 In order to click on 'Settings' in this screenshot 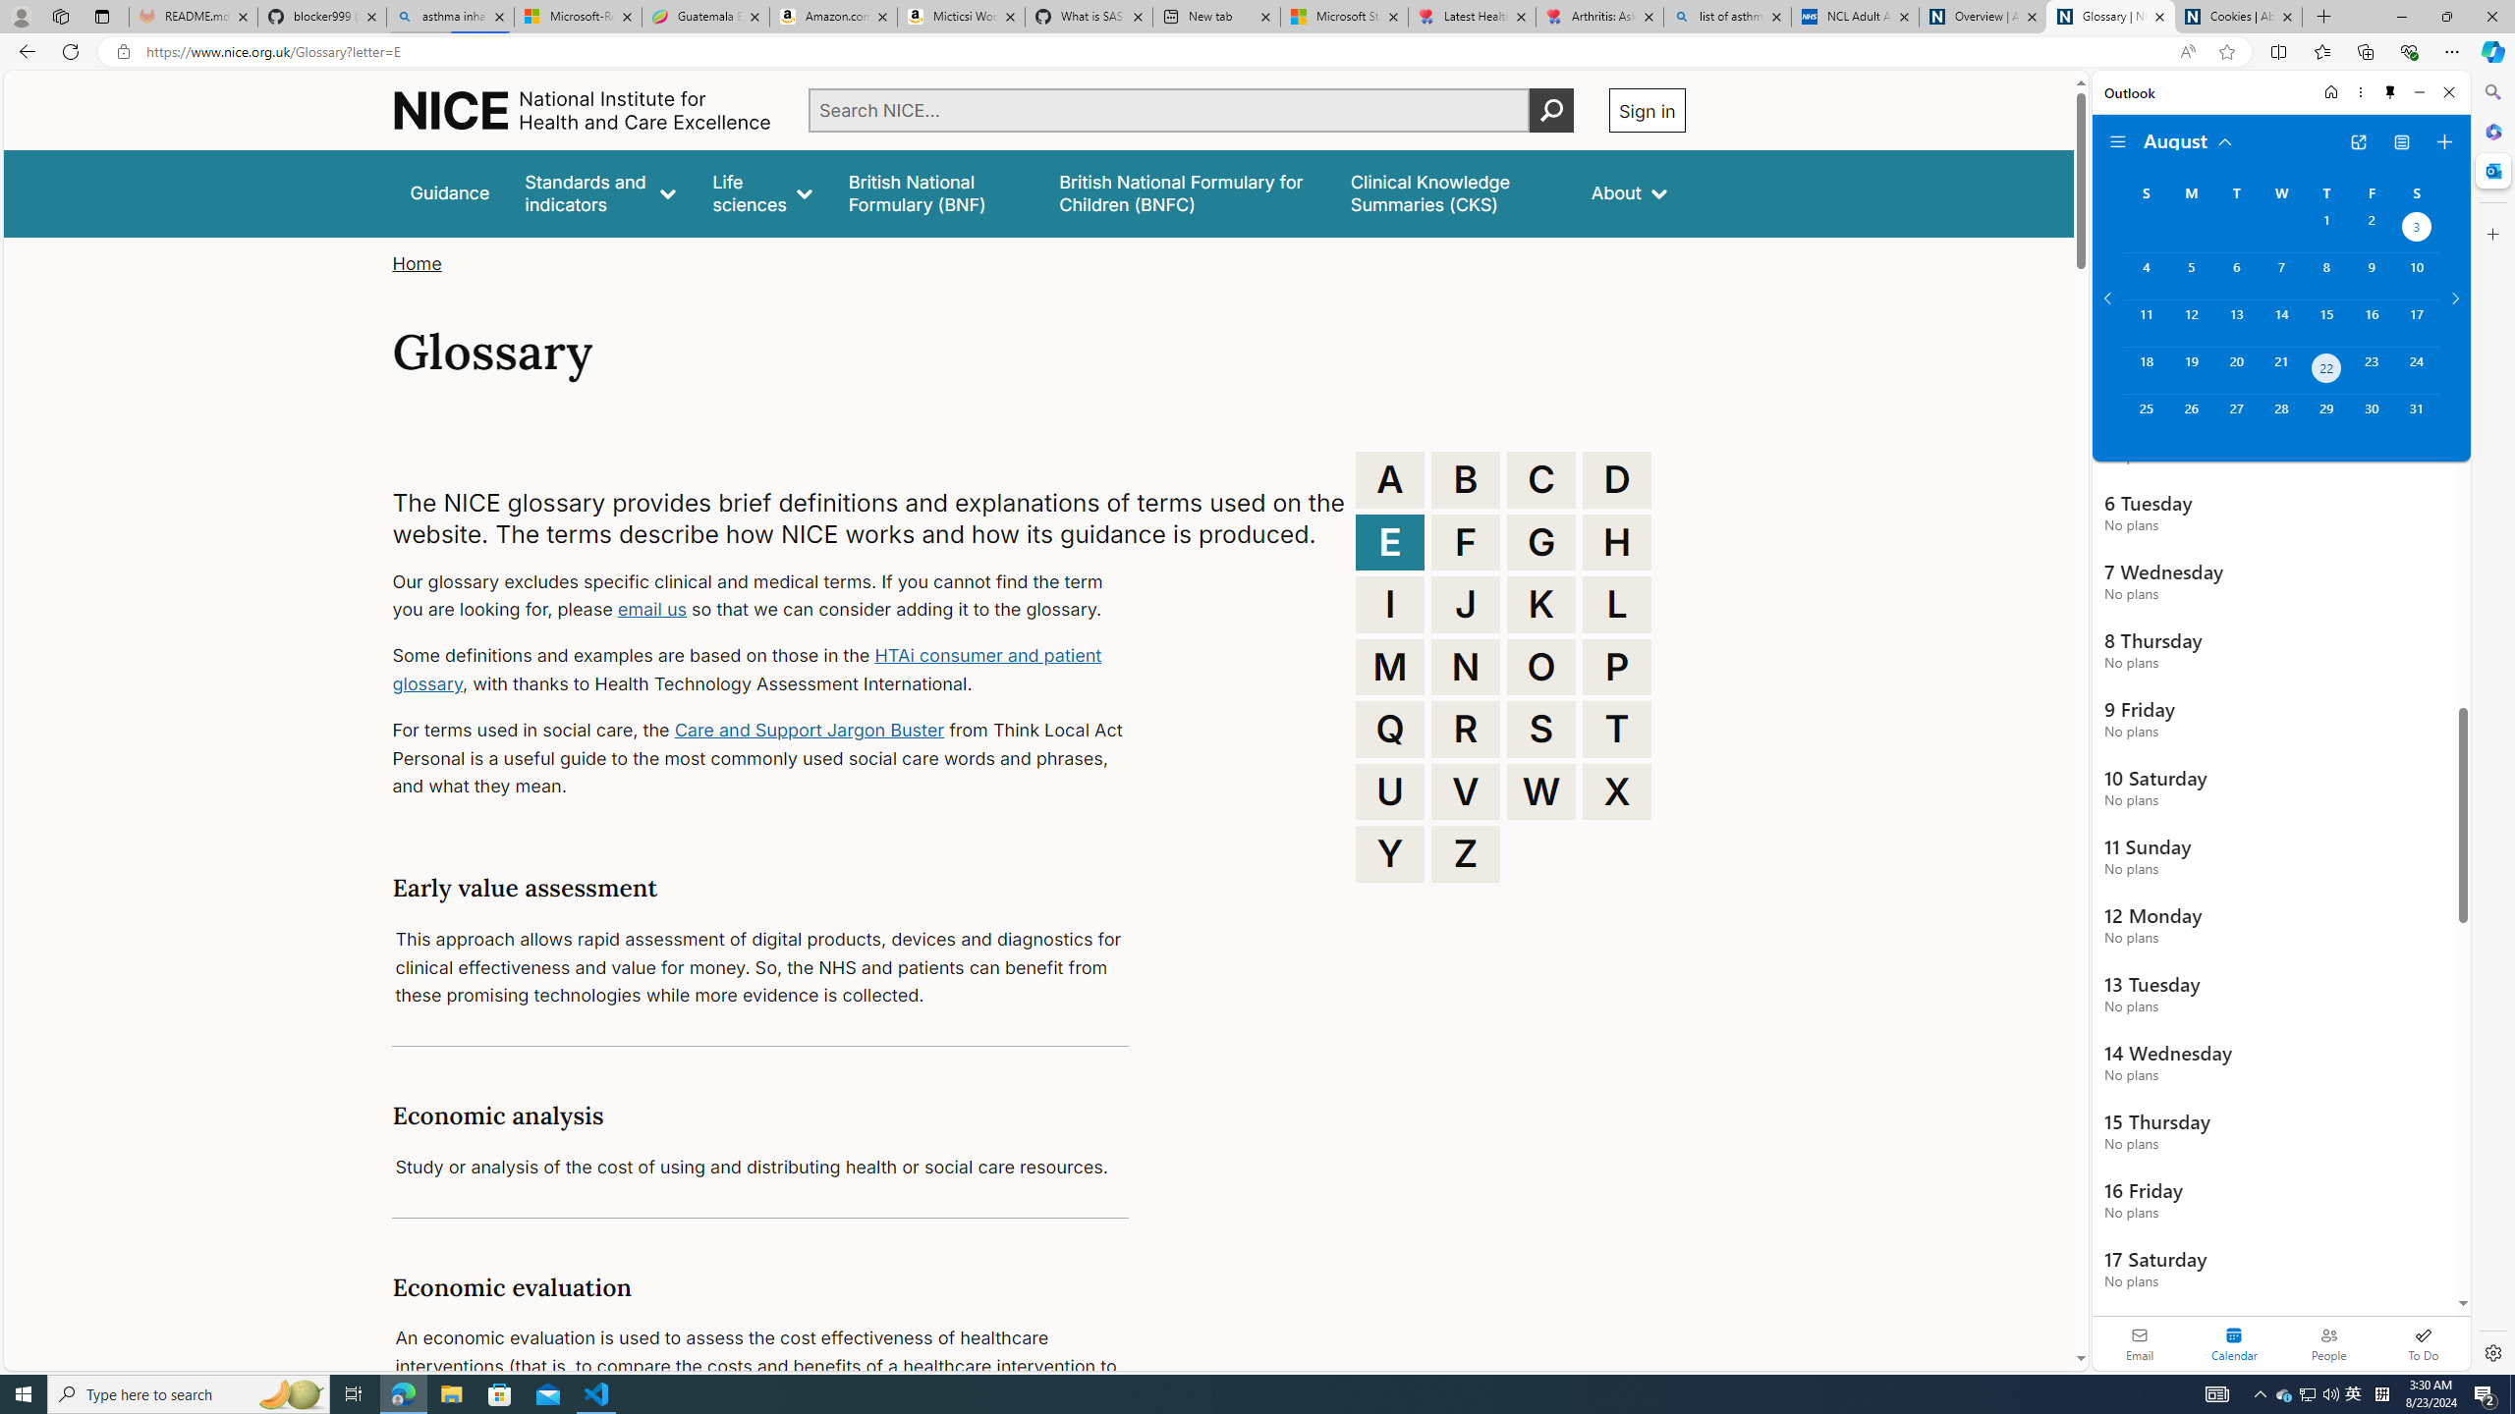, I will do `click(2490, 1351)`.